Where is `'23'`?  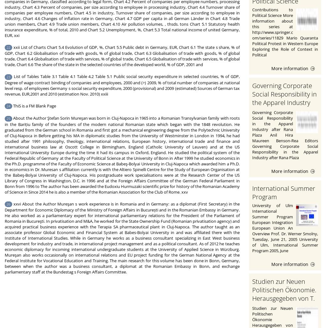 '23' is located at coordinates (8, 76).